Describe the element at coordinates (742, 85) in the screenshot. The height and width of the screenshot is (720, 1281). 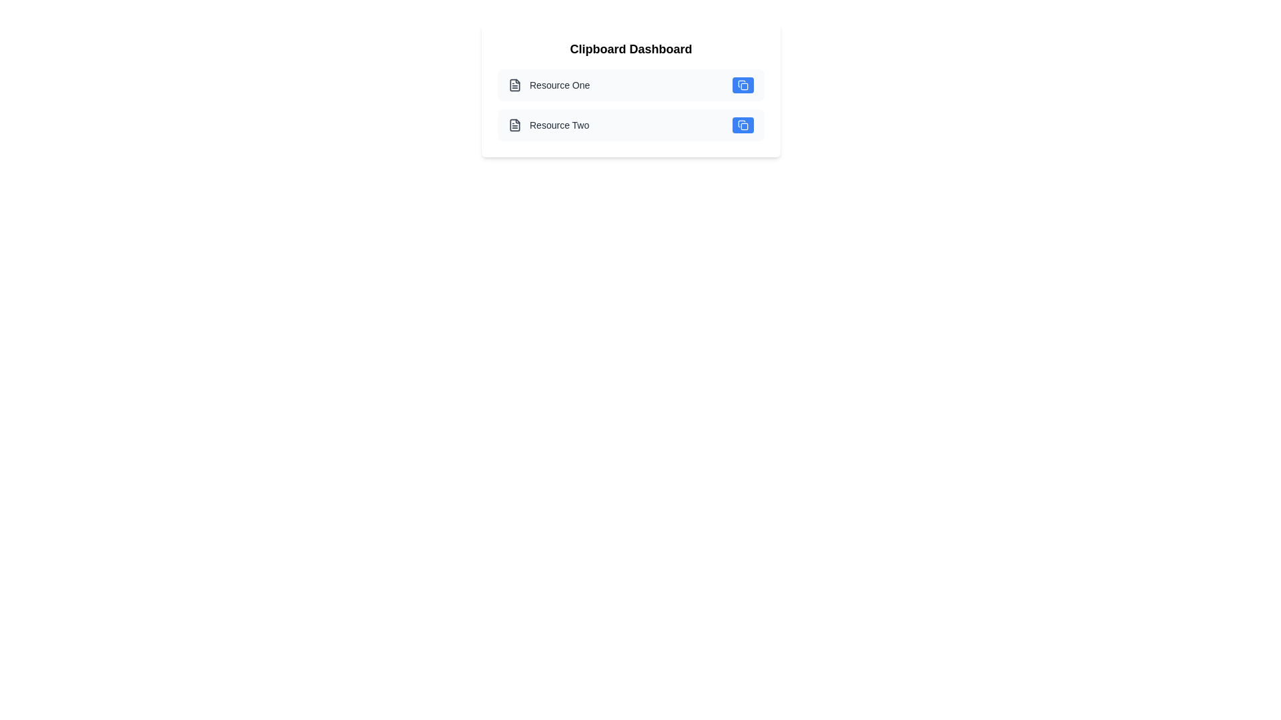
I see `the blue button with a white icon of two overlapping squares located to the far right of 'Resource One'` at that location.